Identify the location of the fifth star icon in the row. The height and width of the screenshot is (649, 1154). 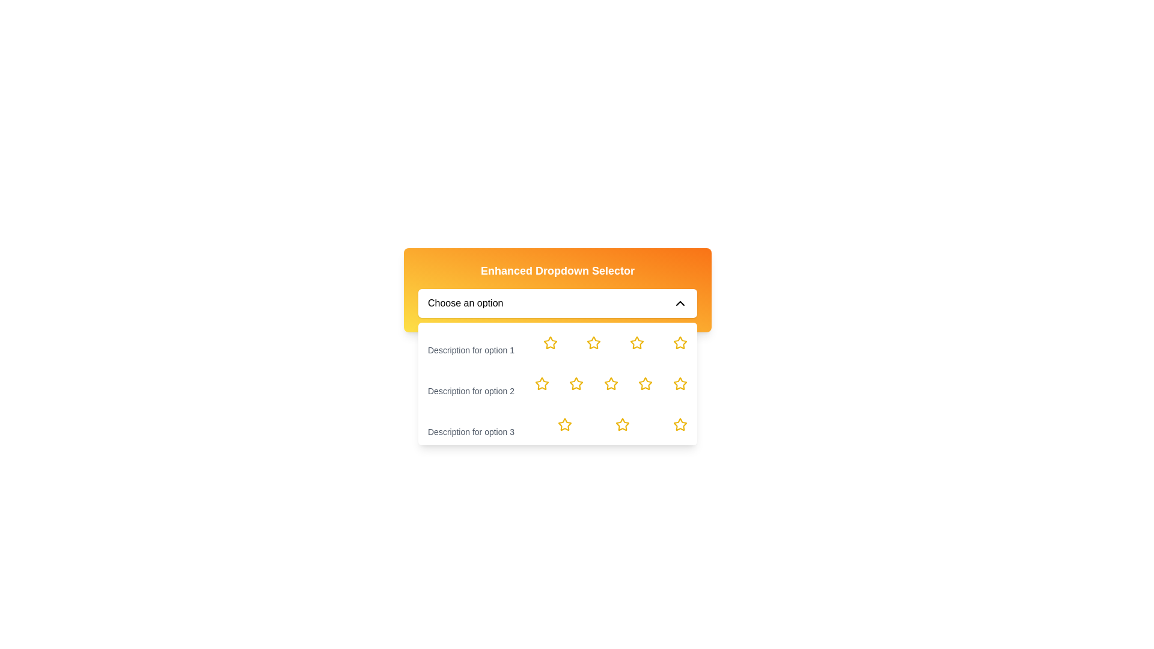
(680, 343).